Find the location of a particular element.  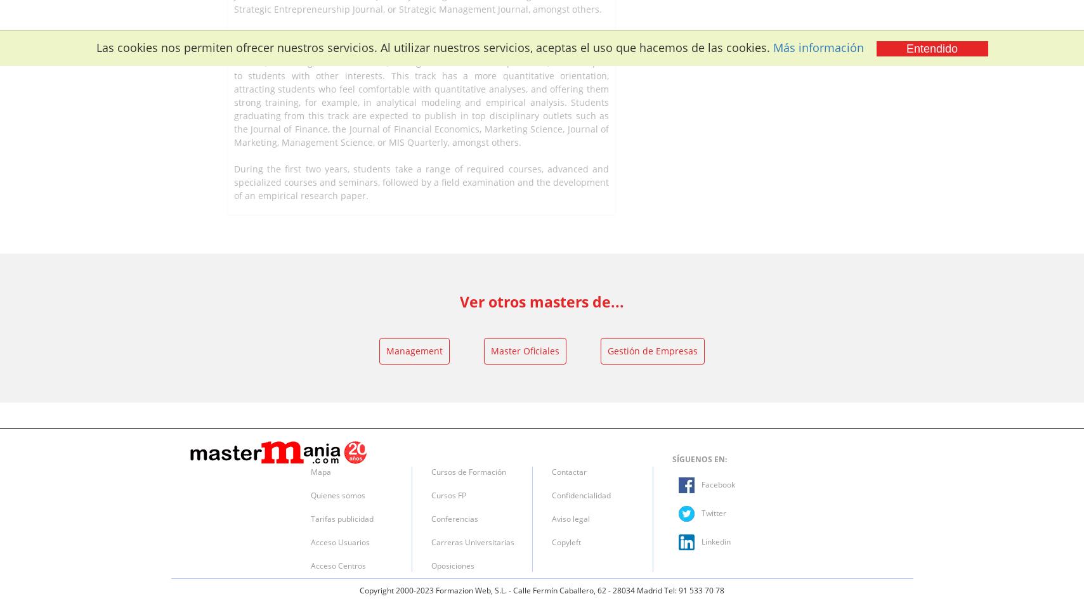

'Facebook' is located at coordinates (717, 484).